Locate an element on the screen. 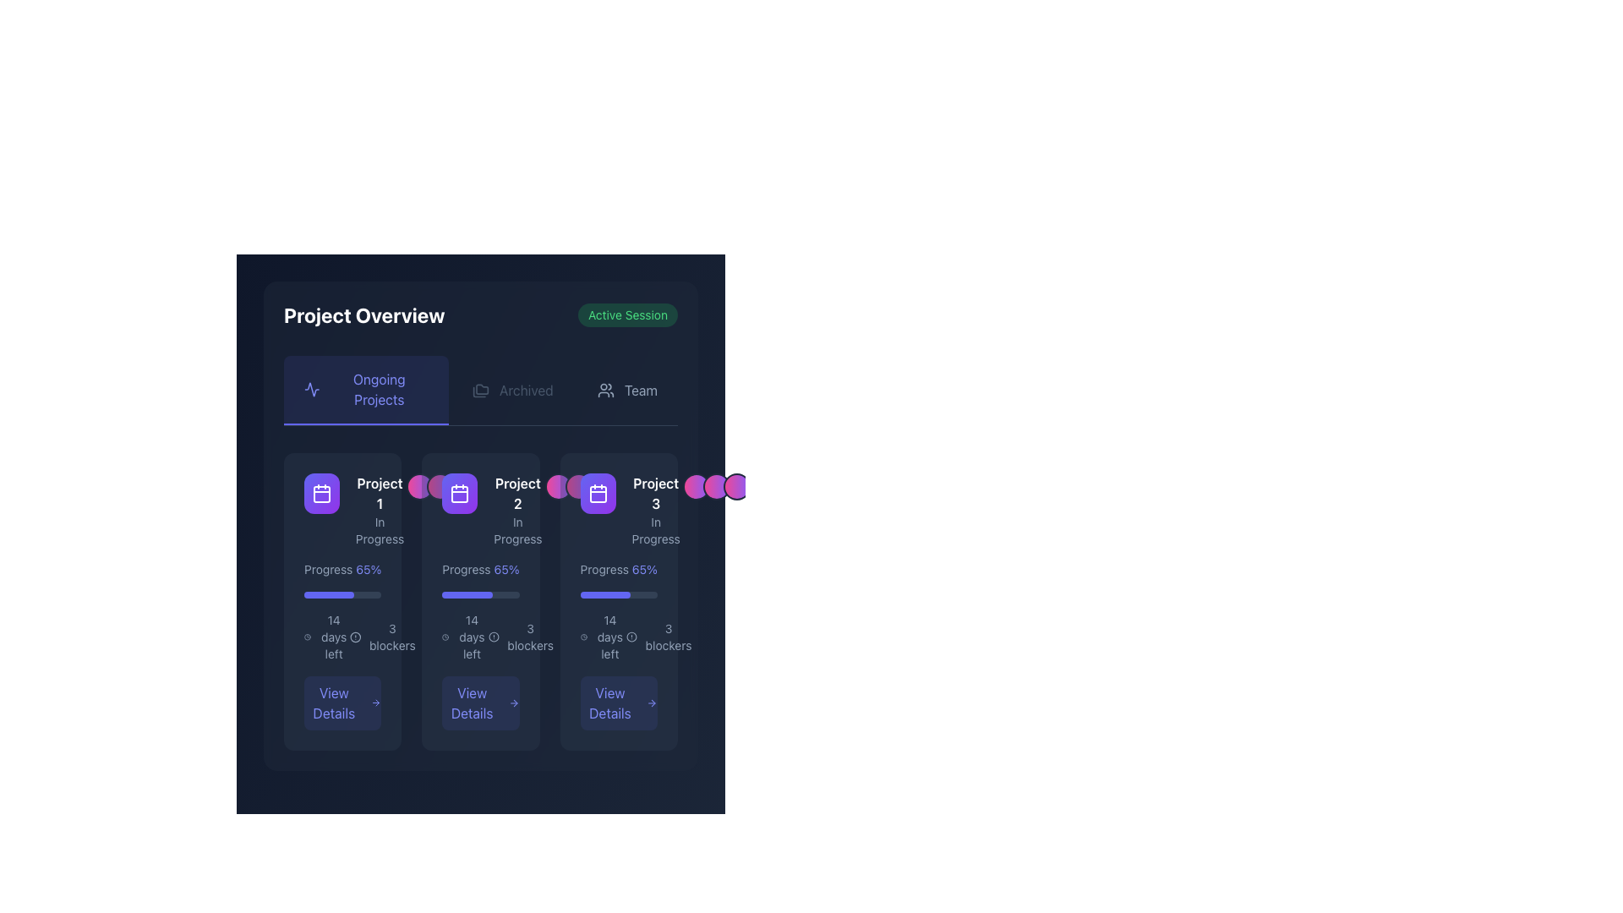 Image resolution: width=1623 pixels, height=913 pixels. the progress bar indicating 65% completion for 'Project 2' in the 'Ongoing Projects' section is located at coordinates (329, 594).